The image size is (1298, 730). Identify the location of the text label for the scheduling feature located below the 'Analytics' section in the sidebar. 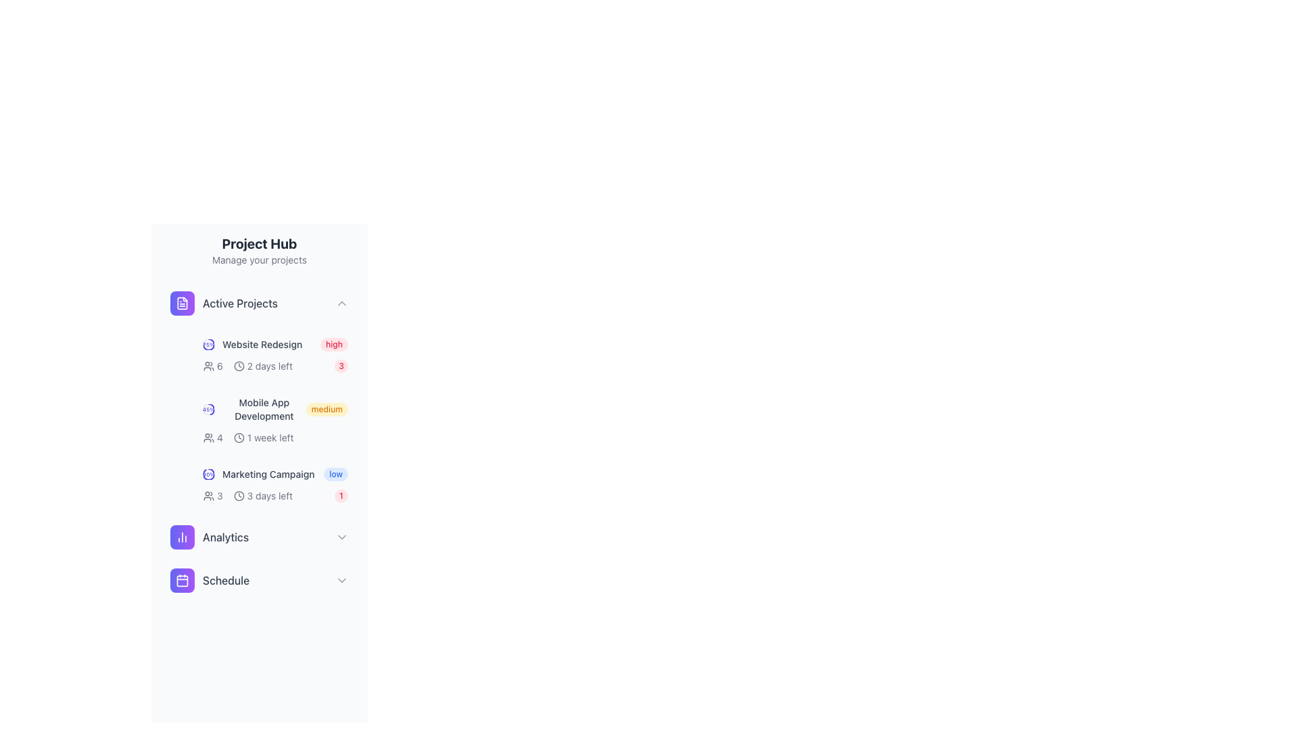
(226, 580).